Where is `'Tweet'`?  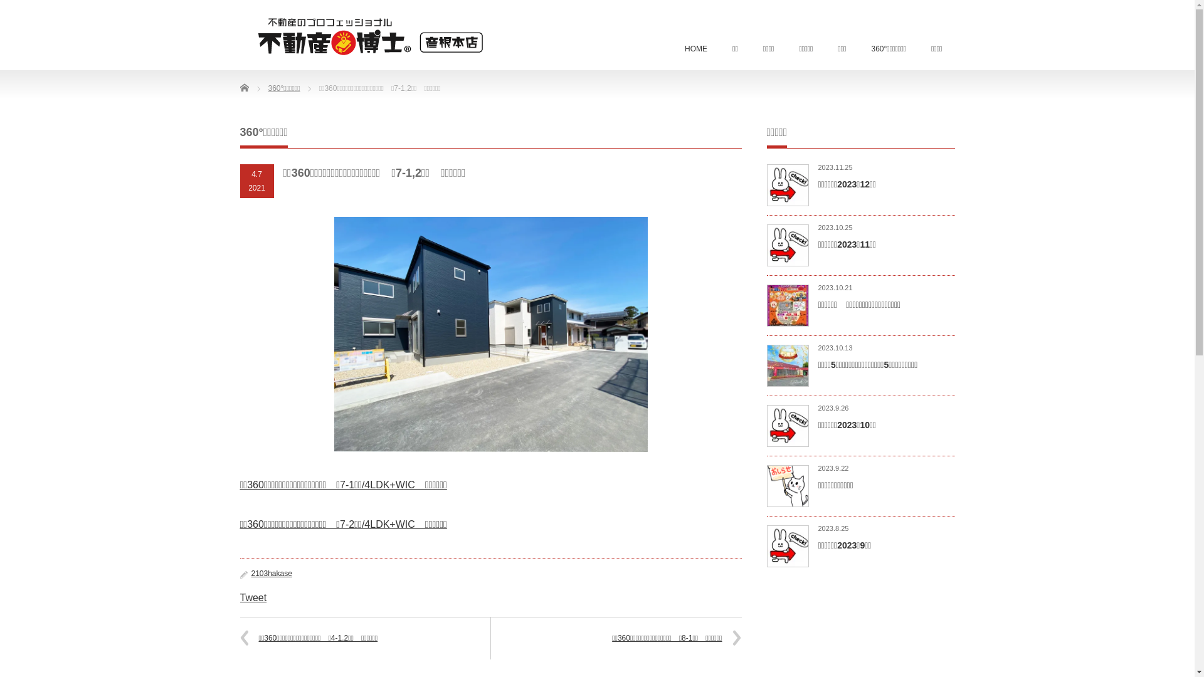
'Tweet' is located at coordinates (240, 597).